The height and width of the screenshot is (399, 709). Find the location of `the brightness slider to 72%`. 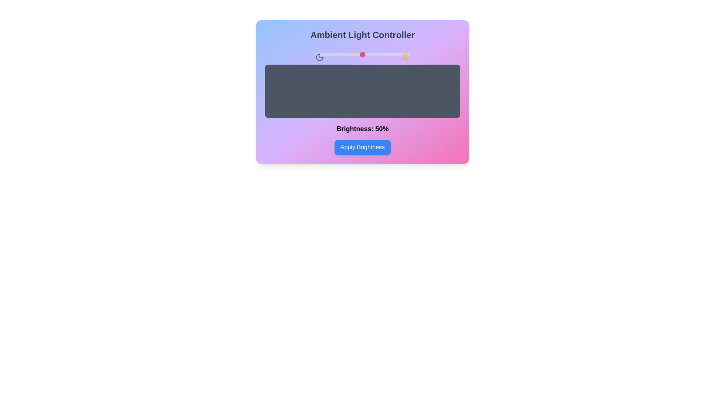

the brightness slider to 72% is located at coordinates (383, 54).